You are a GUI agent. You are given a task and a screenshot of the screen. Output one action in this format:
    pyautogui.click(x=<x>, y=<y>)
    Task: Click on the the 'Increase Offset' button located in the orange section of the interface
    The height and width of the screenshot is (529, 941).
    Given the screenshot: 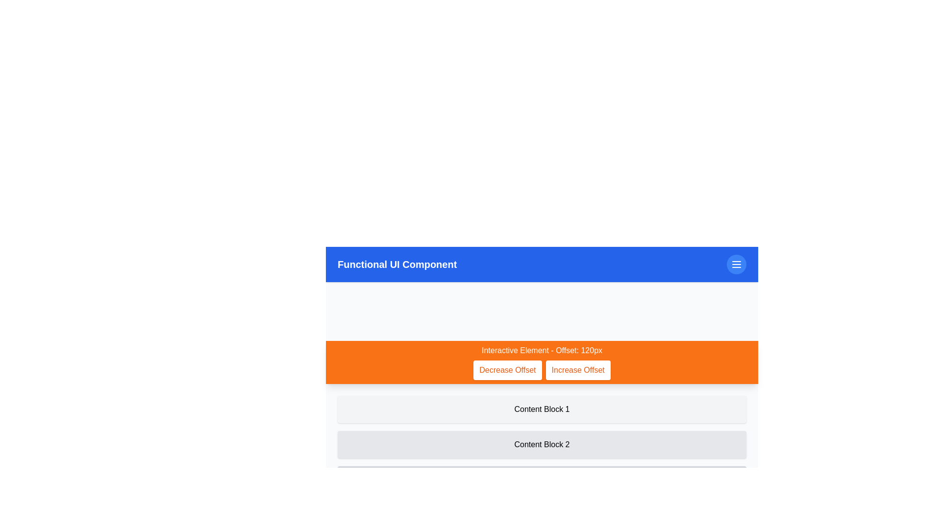 What is the action you would take?
    pyautogui.click(x=578, y=370)
    